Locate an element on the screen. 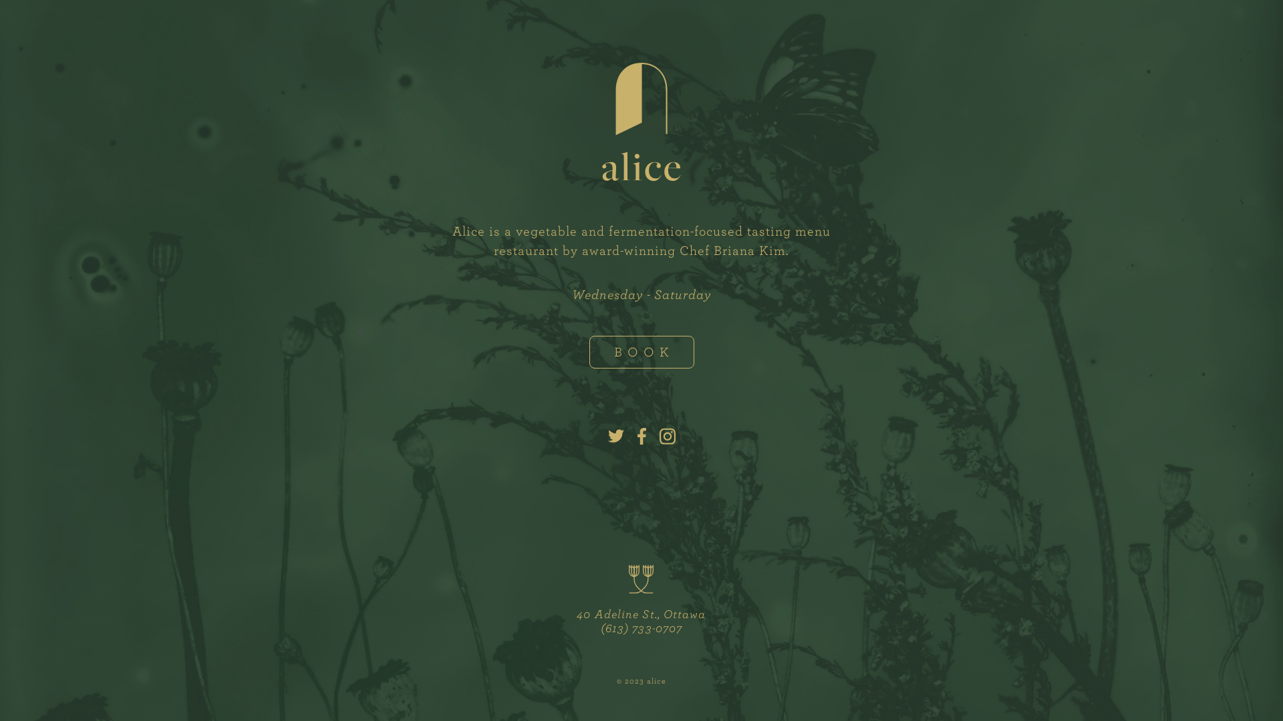 This screenshot has height=721, width=1283. 'BOOK' is located at coordinates (641, 351).